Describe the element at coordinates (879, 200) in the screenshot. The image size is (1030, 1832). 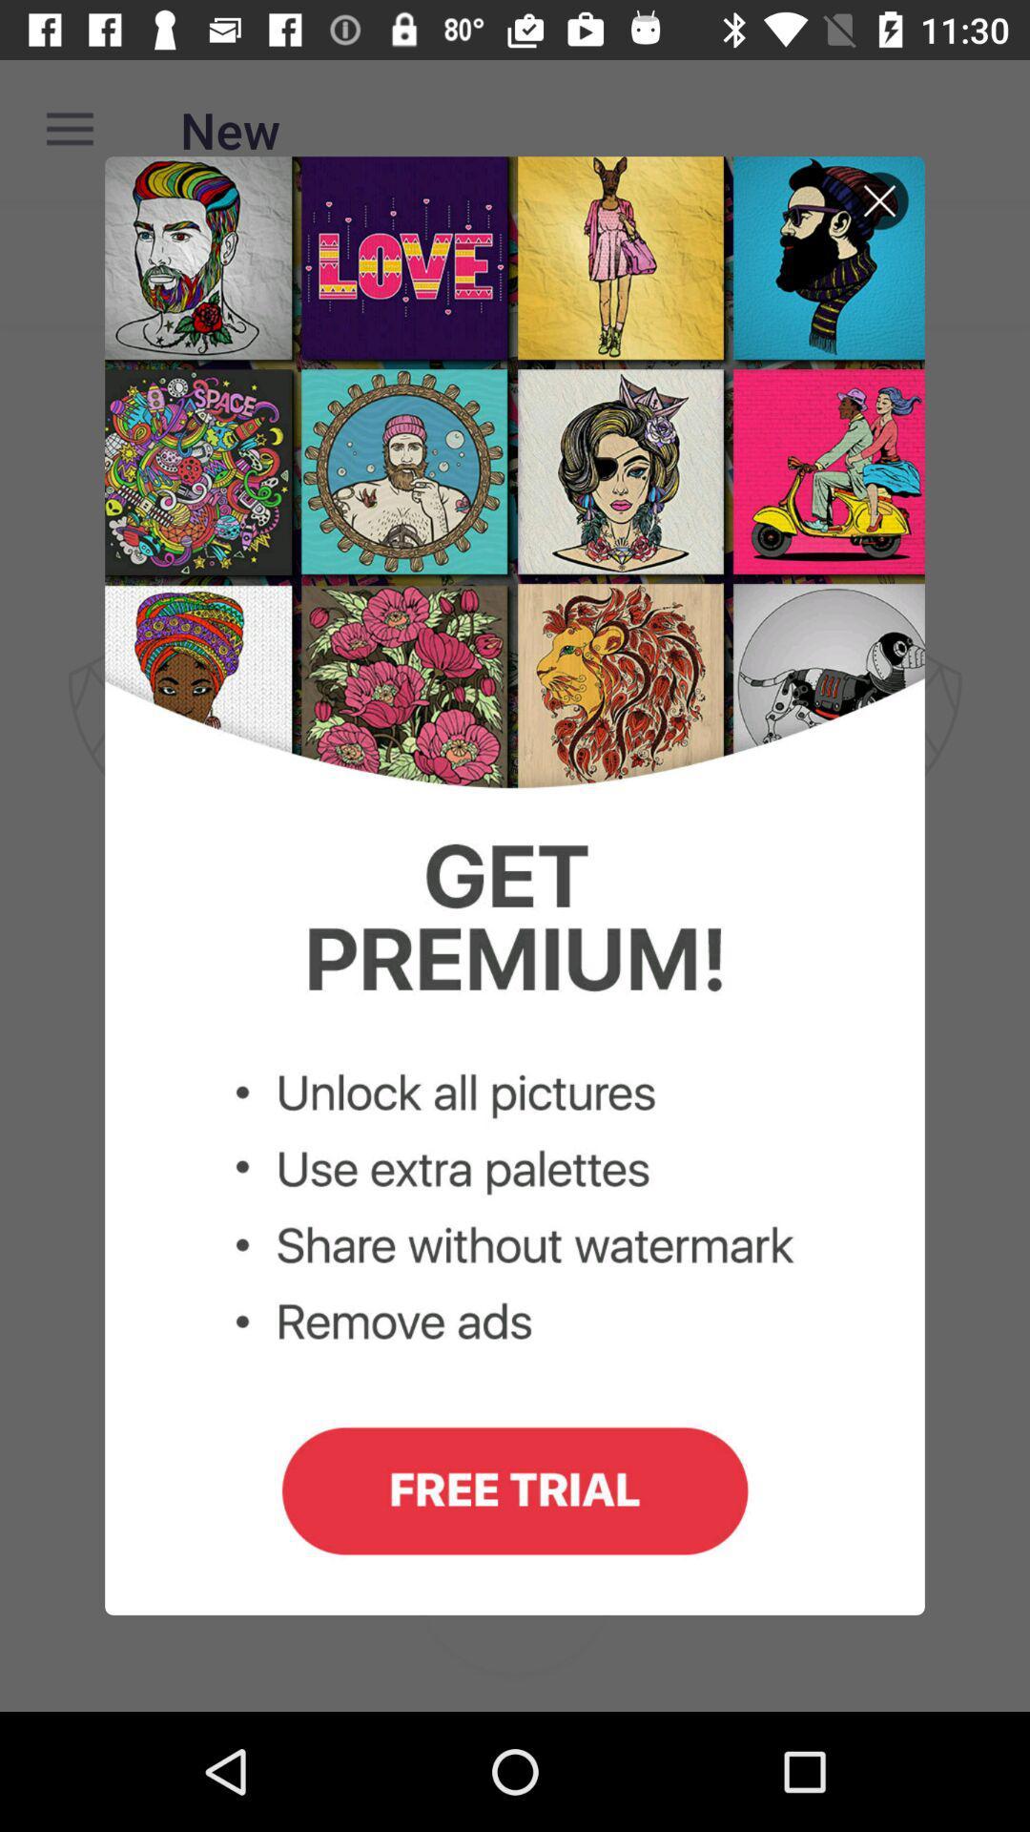
I see `cancel button` at that location.